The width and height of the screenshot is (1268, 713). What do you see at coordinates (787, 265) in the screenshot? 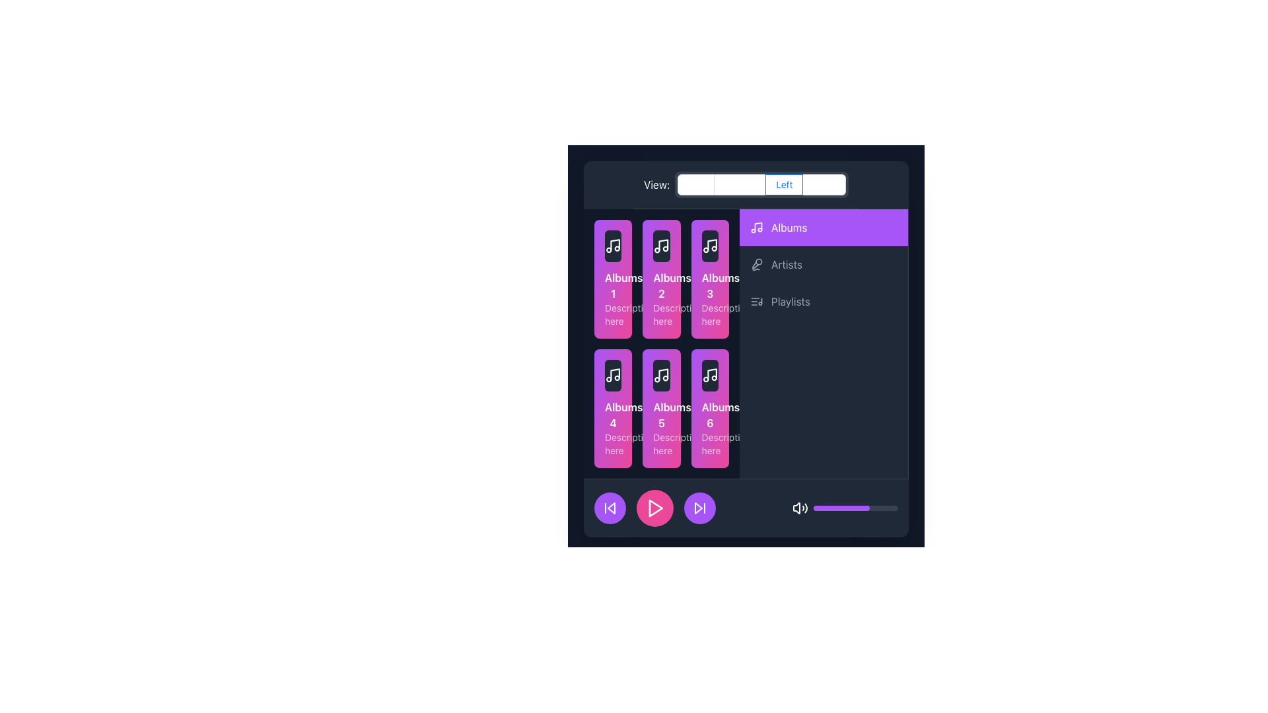
I see `the 'Artists' text label in the vertical menu list` at bounding box center [787, 265].